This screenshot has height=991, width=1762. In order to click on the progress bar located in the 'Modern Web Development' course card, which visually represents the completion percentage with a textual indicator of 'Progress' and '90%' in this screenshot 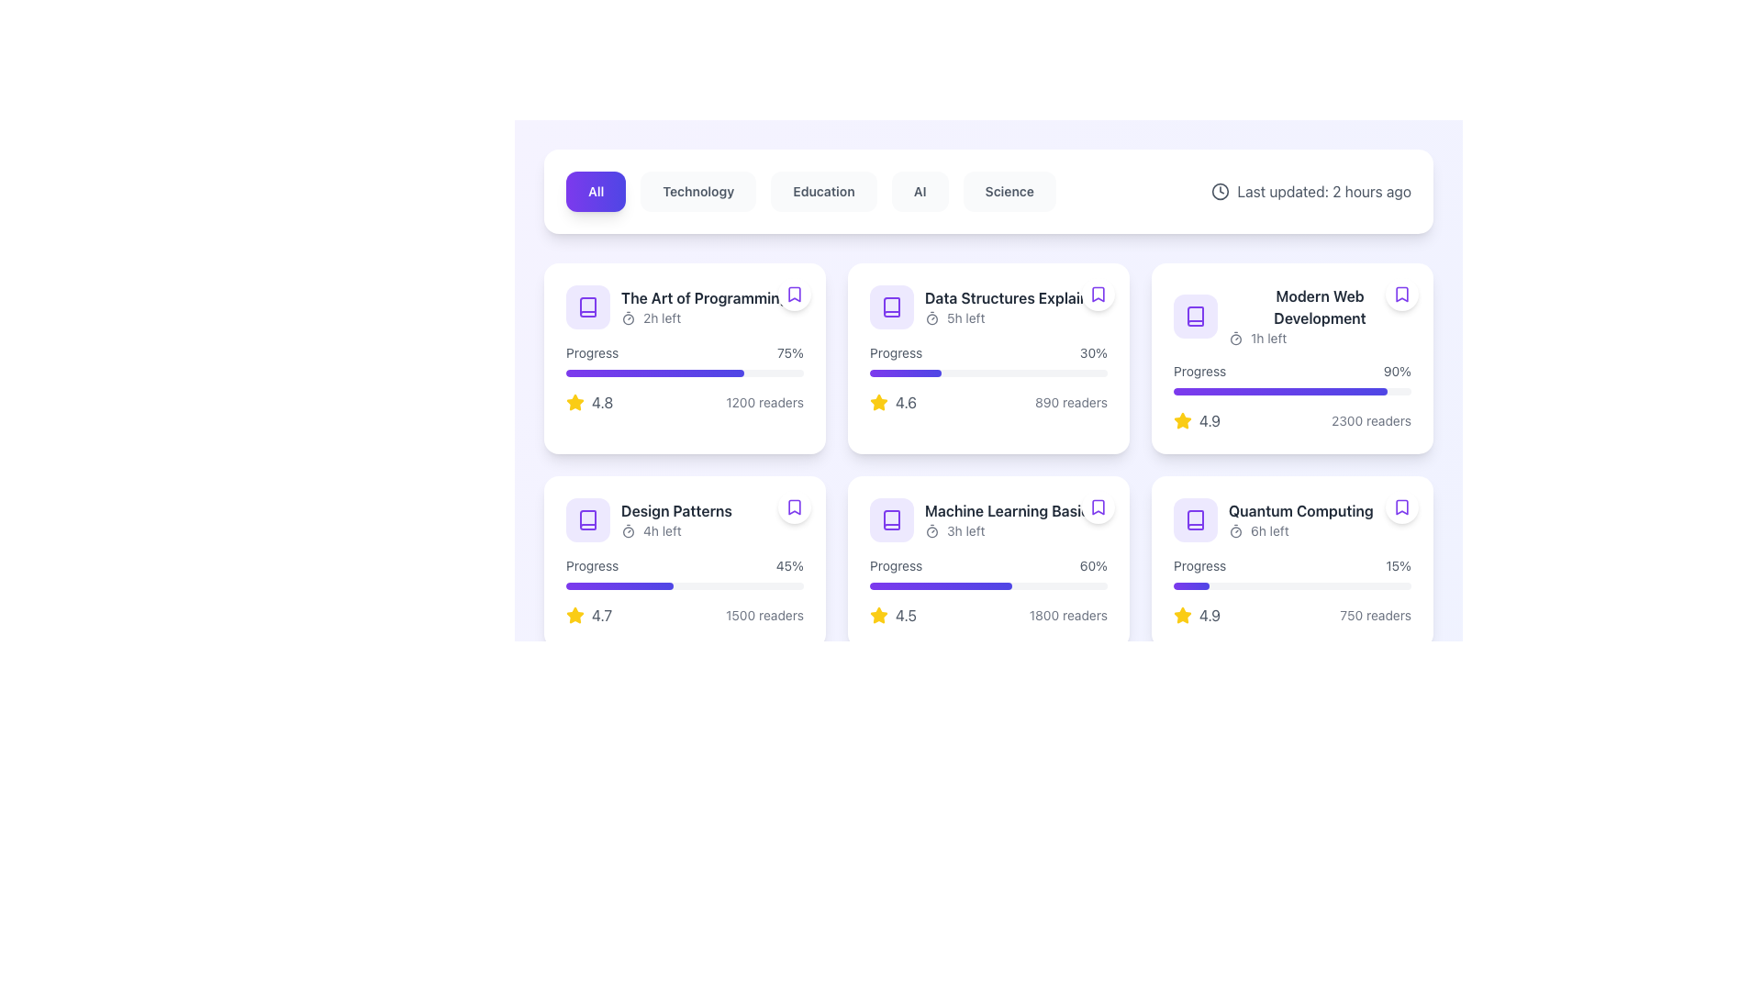, I will do `click(1291, 391)`.